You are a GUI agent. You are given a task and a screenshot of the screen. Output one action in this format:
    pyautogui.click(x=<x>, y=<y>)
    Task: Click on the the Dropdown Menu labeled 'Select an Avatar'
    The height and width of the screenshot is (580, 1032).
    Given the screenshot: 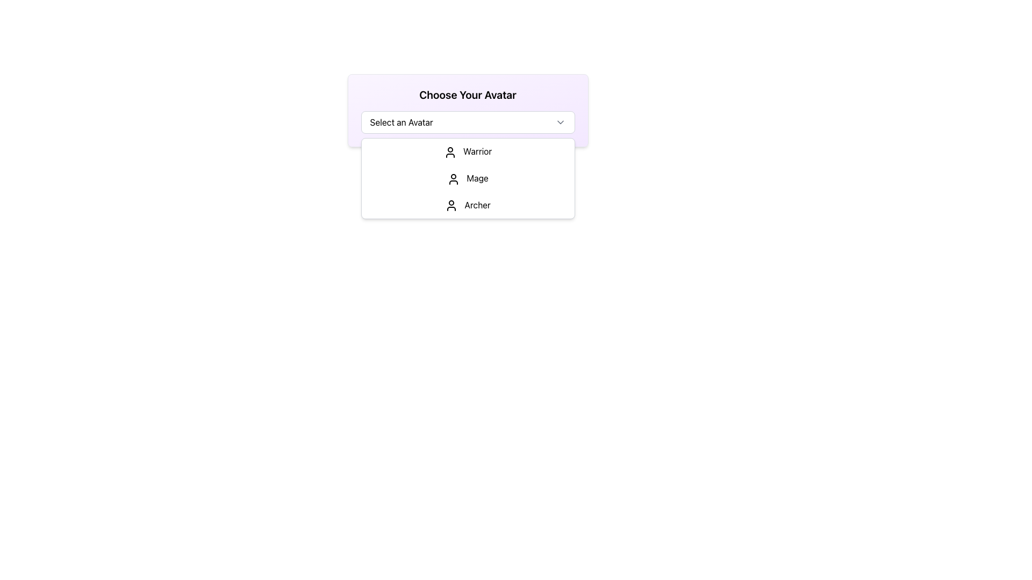 What is the action you would take?
    pyautogui.click(x=468, y=110)
    